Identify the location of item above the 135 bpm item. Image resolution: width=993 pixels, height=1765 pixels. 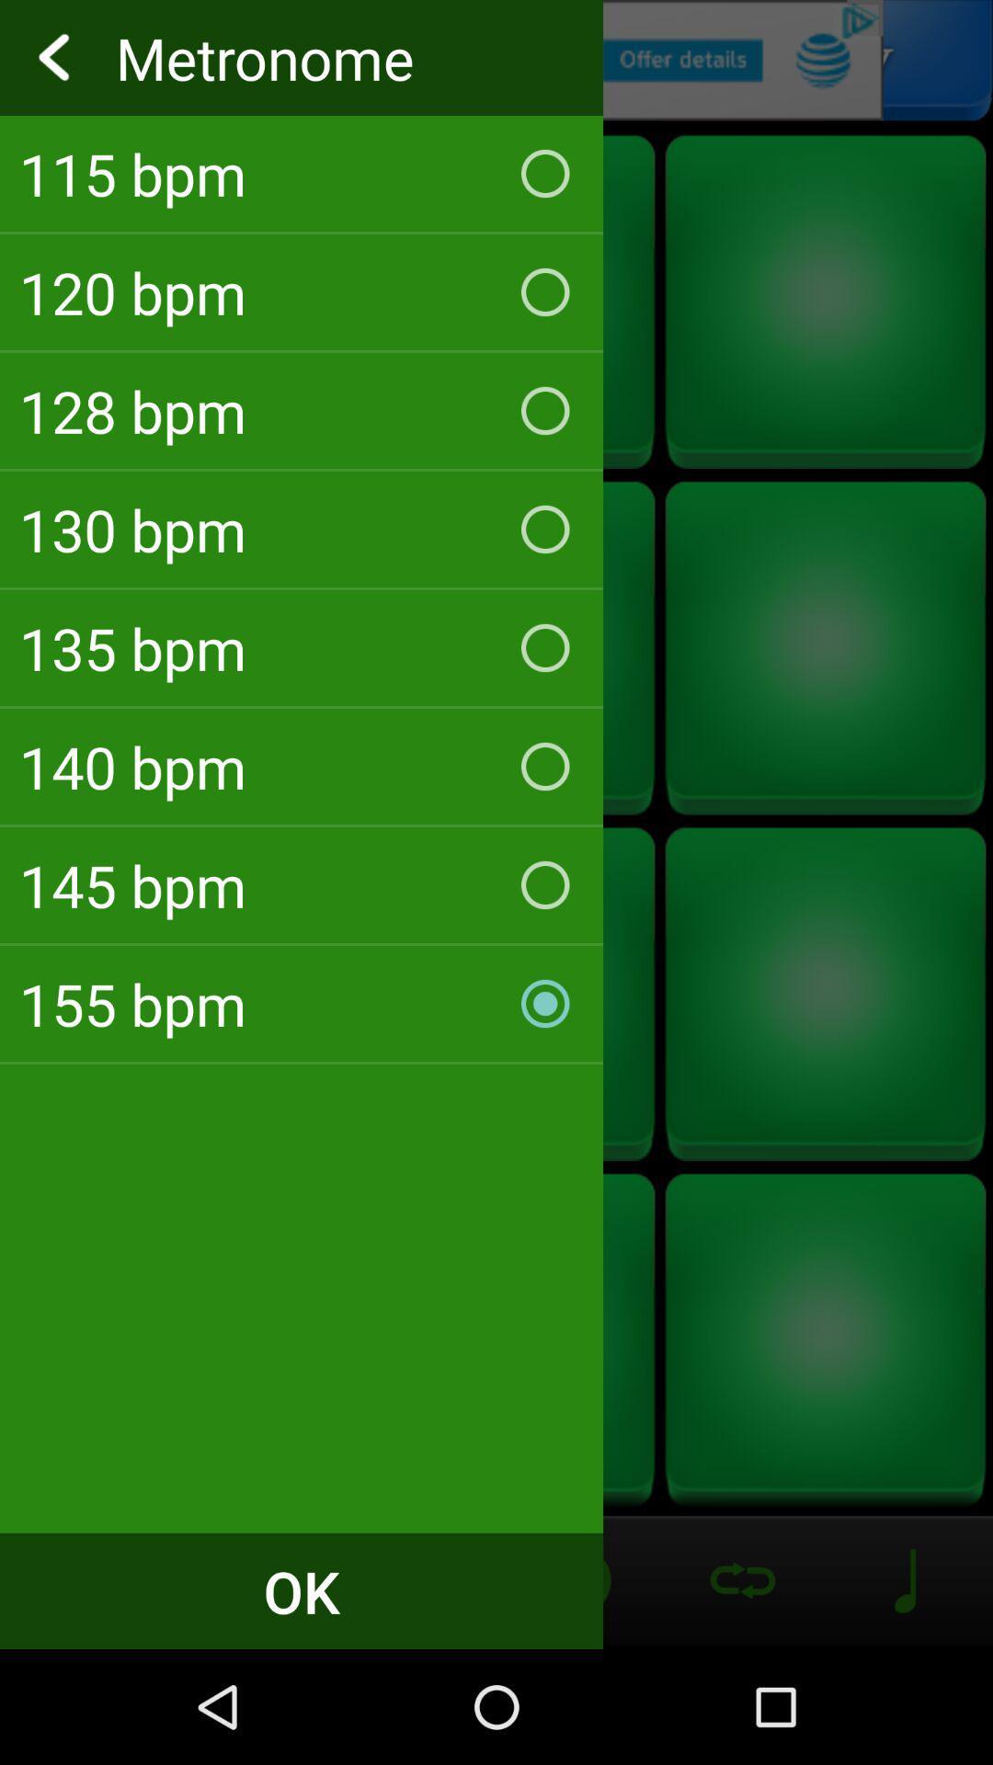
(301, 529).